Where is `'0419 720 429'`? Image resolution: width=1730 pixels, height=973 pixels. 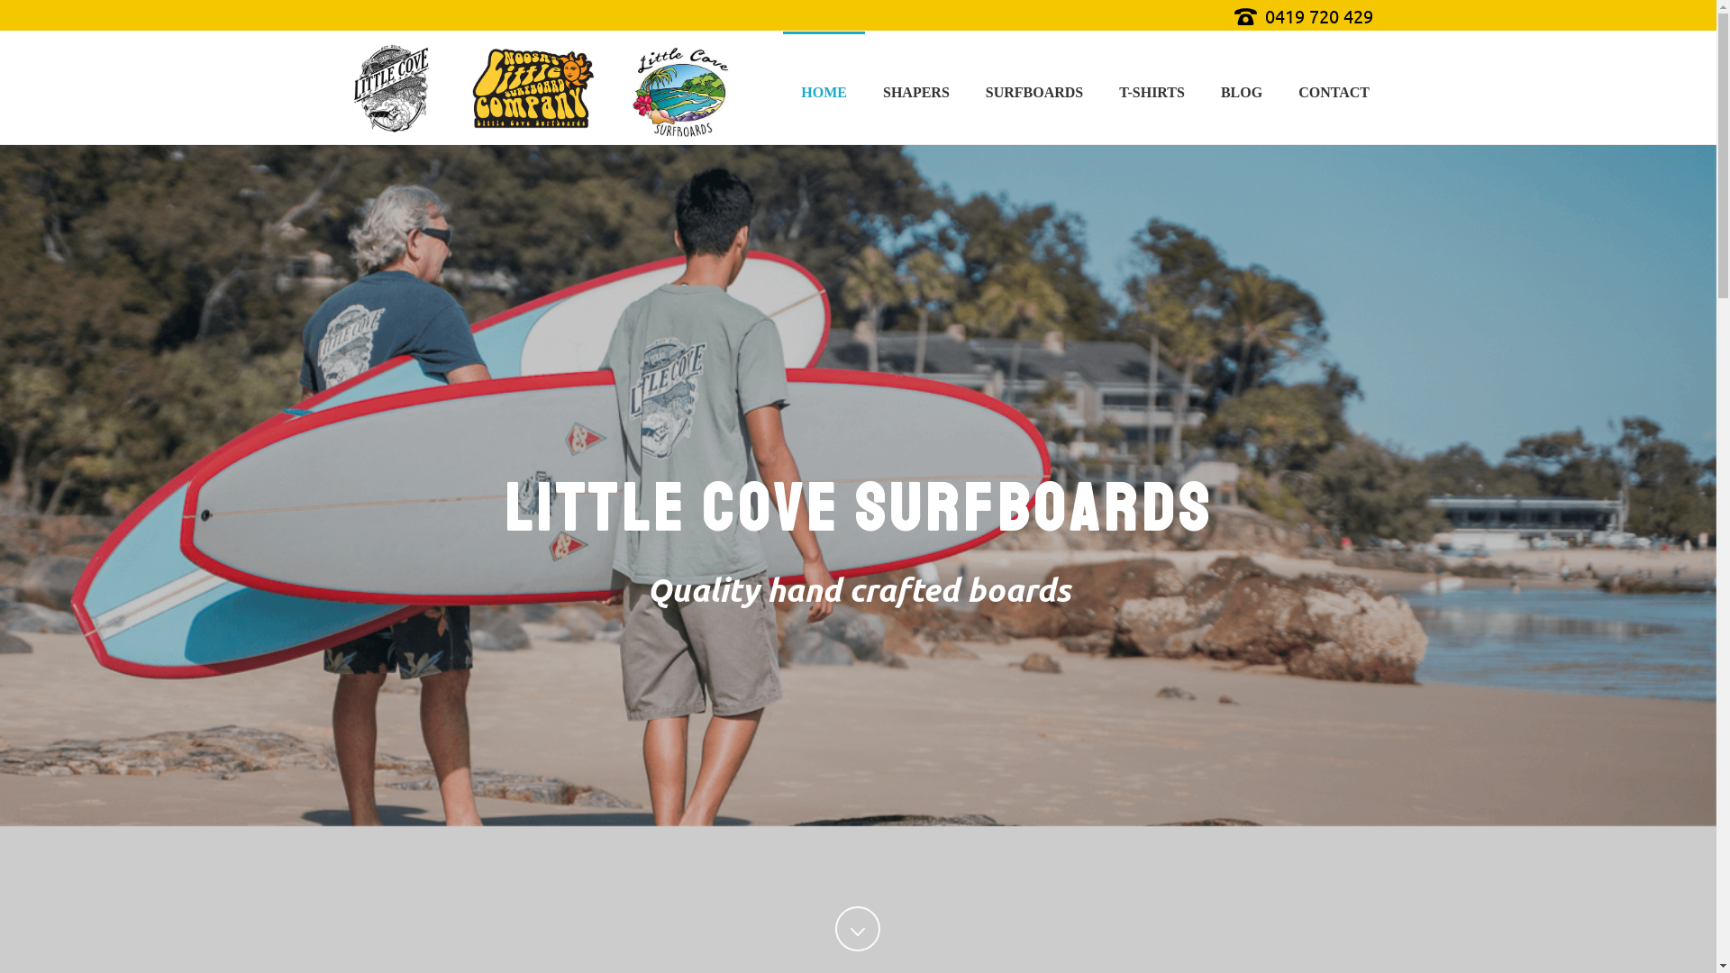
'0419 720 429' is located at coordinates (1319, 15).